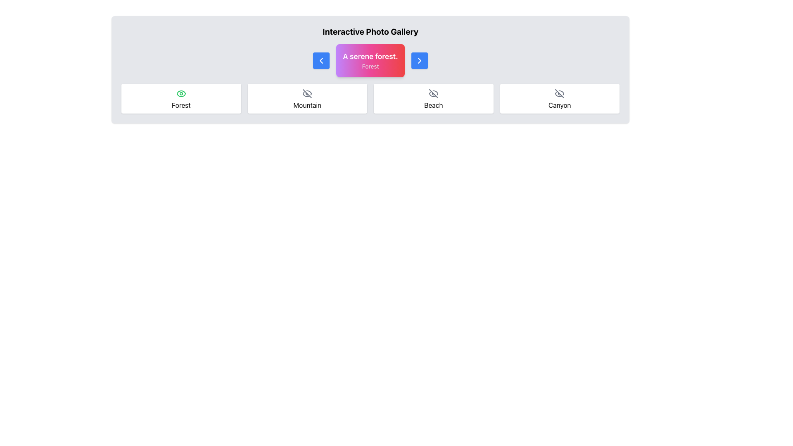 The image size is (793, 446). What do you see at coordinates (433, 93) in the screenshot?
I see `the visibility toggle icon for the 'Beach' item in the 'Interactive Photo Gallery'` at bounding box center [433, 93].